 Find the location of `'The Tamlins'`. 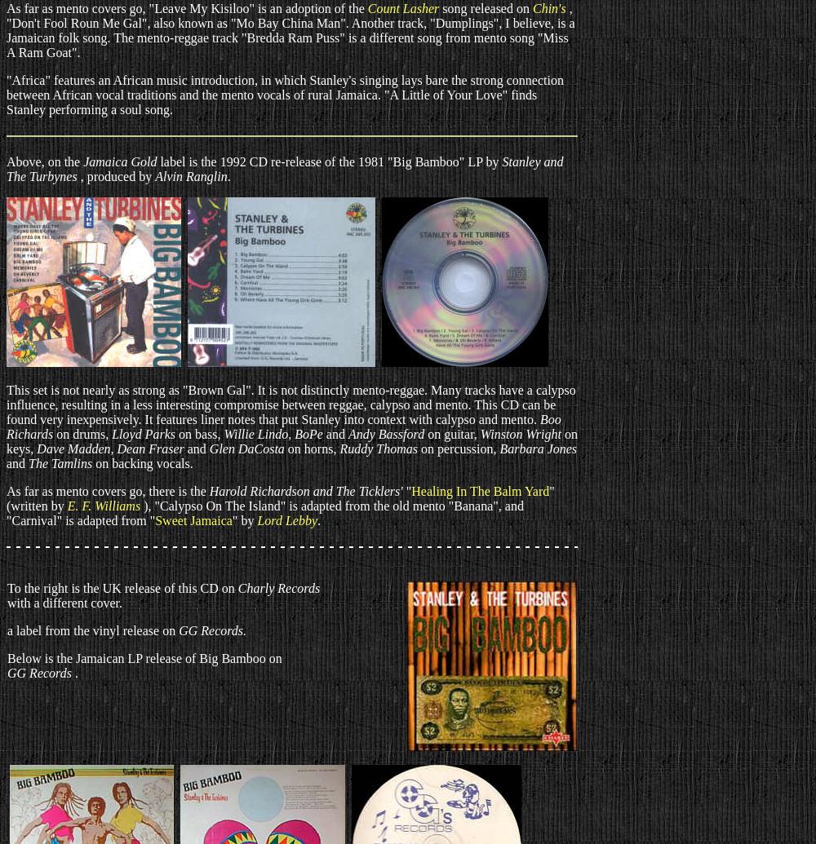

'The Tamlins' is located at coordinates (61, 462).